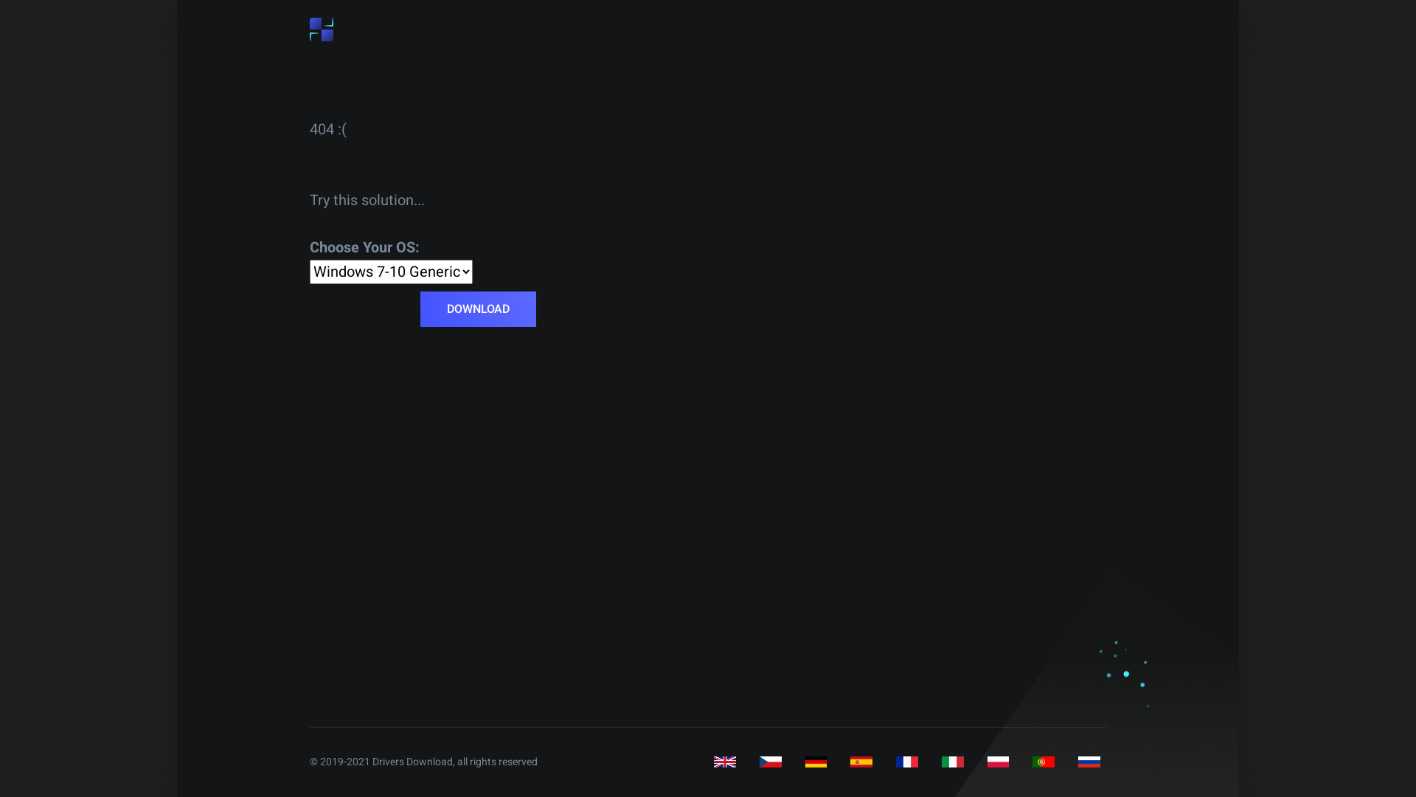 The image size is (1416, 797). What do you see at coordinates (478, 308) in the screenshot?
I see `'DOWNLOAD'` at bounding box center [478, 308].